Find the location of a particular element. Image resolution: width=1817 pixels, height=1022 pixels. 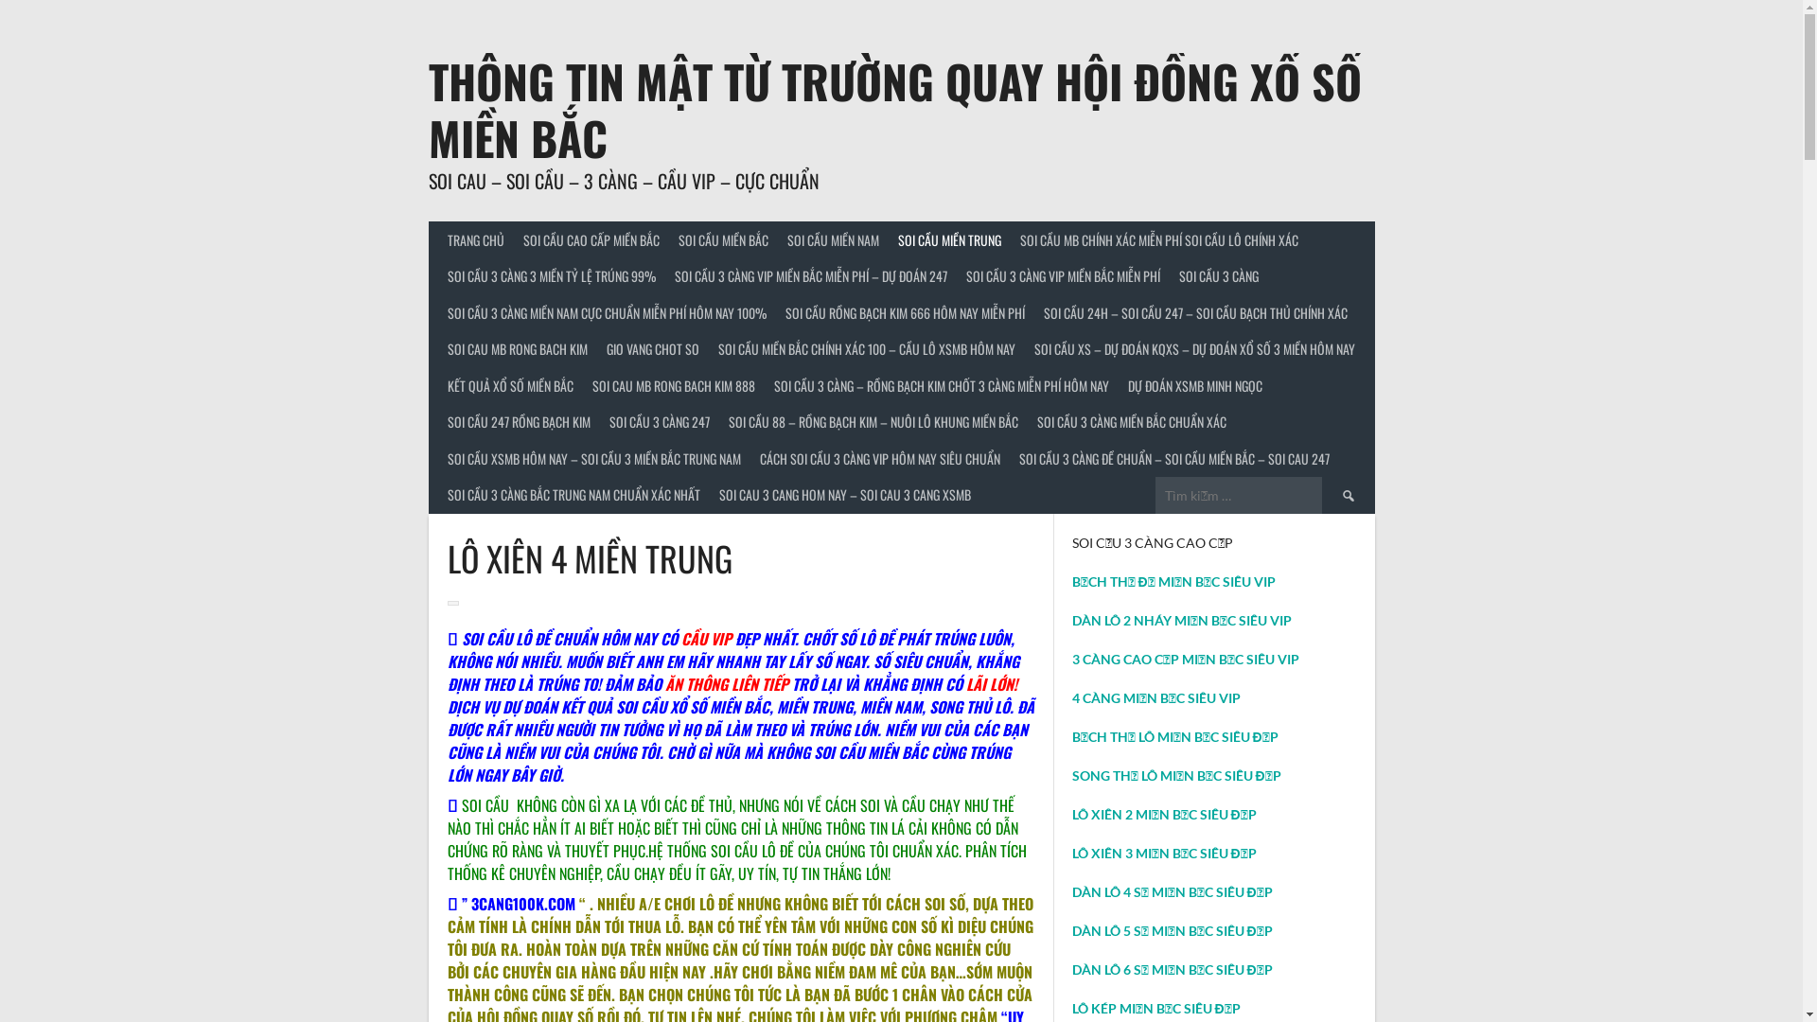

'SOI CAU MB RONG BACH KIM' is located at coordinates (517, 349).